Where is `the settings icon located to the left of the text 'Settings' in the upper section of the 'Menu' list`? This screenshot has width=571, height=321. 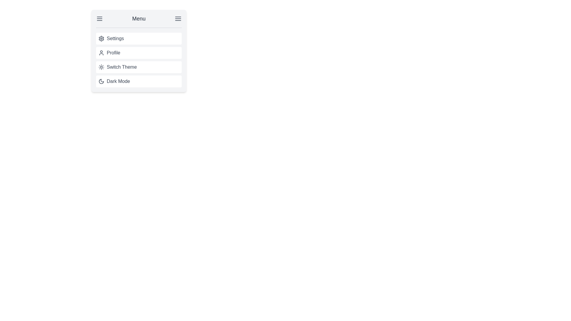
the settings icon located to the left of the text 'Settings' in the upper section of the 'Menu' list is located at coordinates (101, 39).